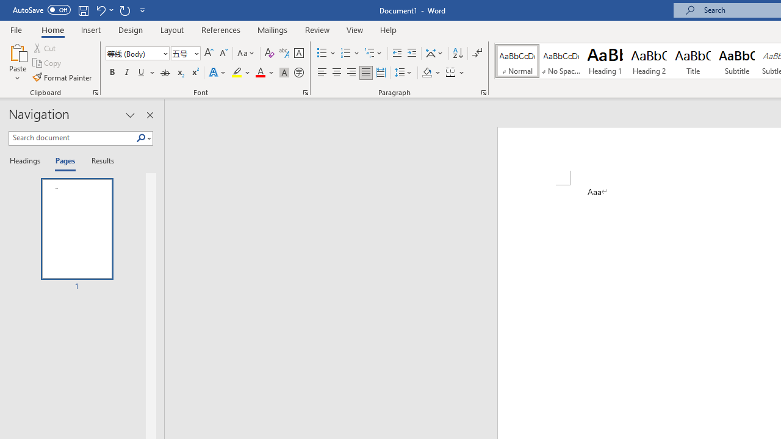 The height and width of the screenshot is (439, 781). I want to click on 'Font Color Red', so click(259, 73).